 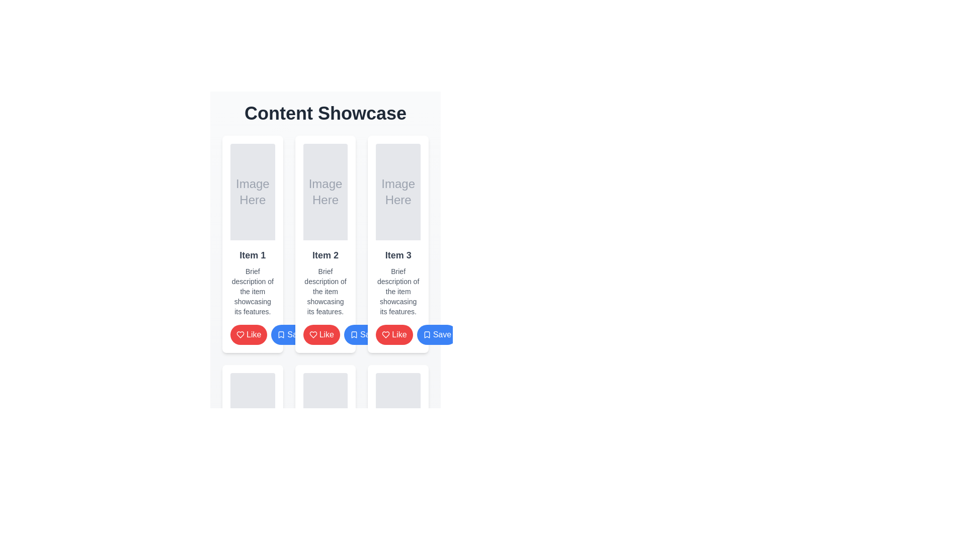 I want to click on the red 'Like' button with a heart-shaped icon, located at the bottom of the card labeled 'Item 3', so click(x=393, y=335).